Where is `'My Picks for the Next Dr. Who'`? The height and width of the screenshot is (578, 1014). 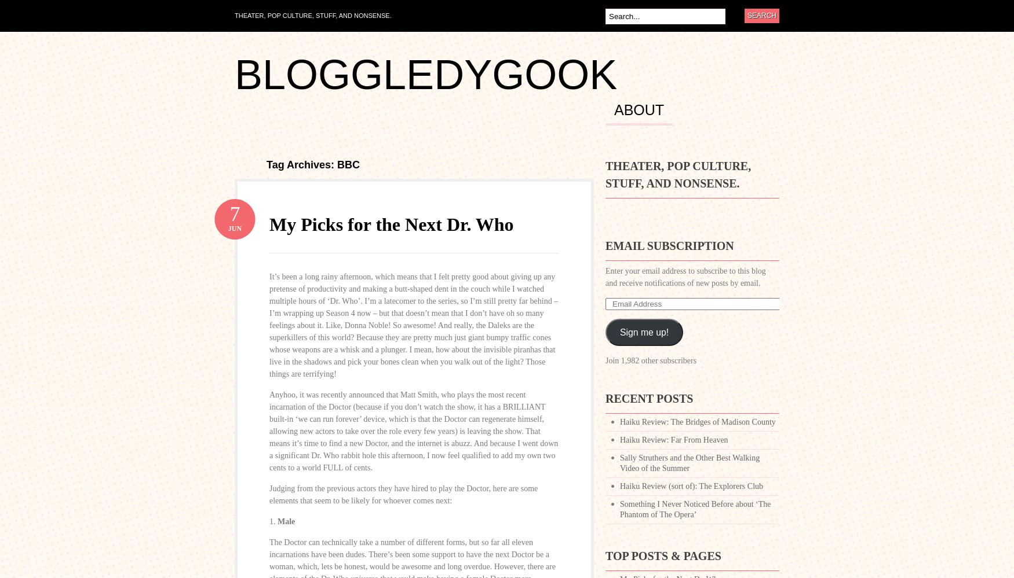 'My Picks for the Next Dr. Who' is located at coordinates (391, 224).